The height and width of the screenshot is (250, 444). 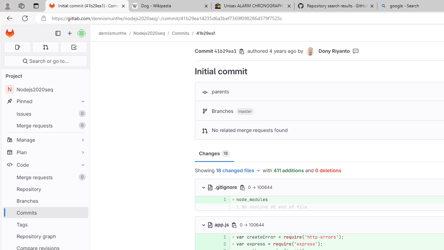 I want to click on 'Add a comment to this line', so click(x=195, y=243).